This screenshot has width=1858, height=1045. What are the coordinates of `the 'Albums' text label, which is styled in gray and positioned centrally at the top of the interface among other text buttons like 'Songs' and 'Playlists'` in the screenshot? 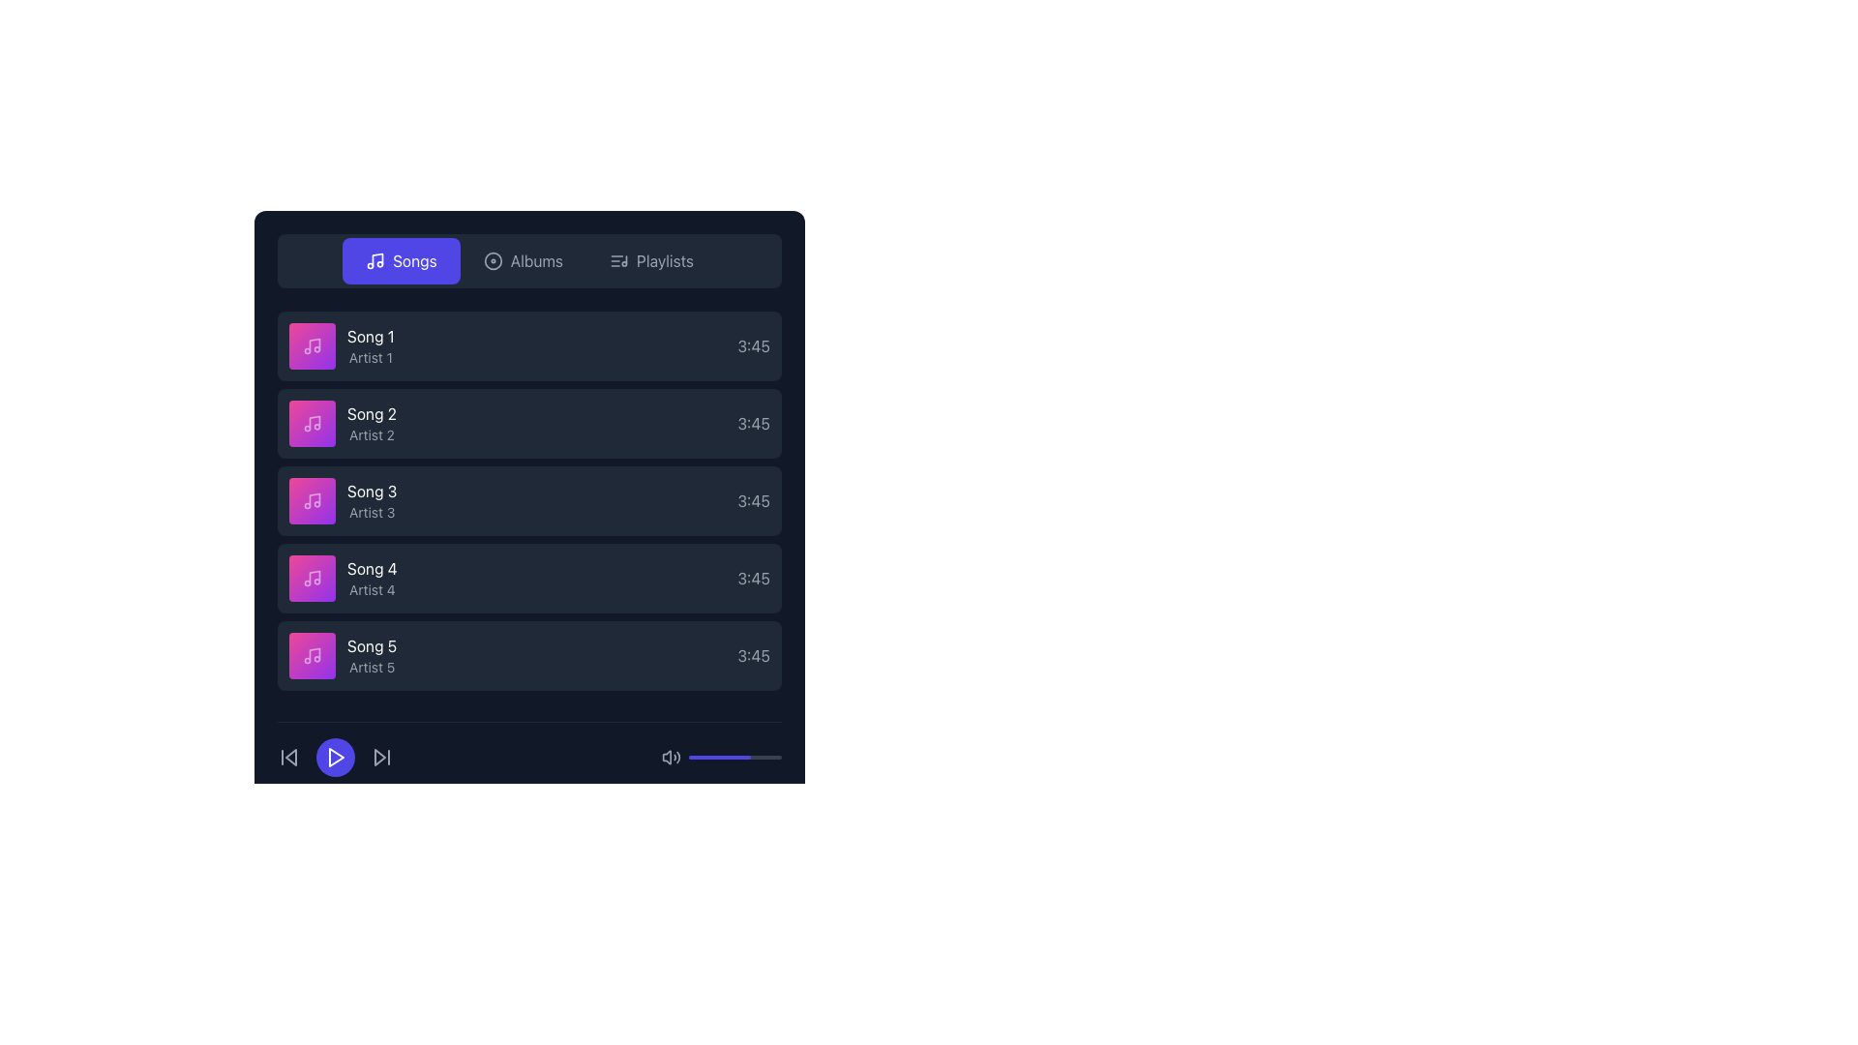 It's located at (536, 261).